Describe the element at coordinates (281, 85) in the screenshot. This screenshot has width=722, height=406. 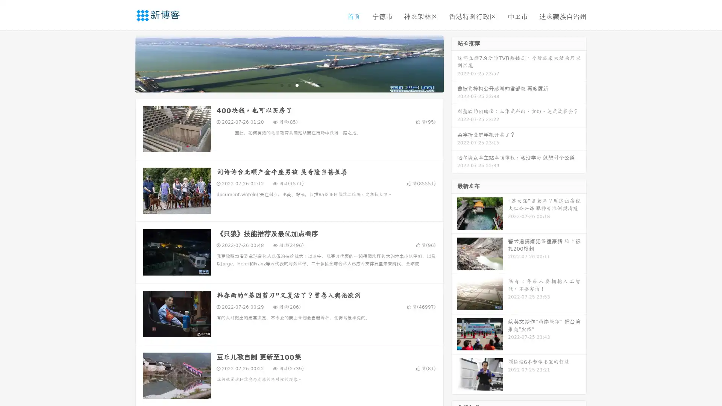
I see `Go to slide 1` at that location.